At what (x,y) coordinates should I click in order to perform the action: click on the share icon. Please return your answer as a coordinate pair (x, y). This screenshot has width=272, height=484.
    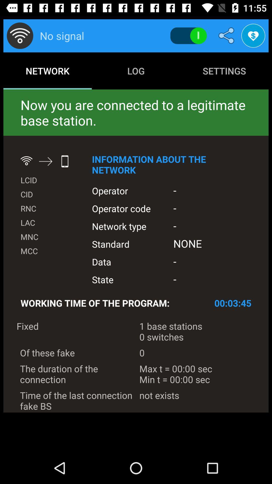
    Looking at the image, I should click on (227, 35).